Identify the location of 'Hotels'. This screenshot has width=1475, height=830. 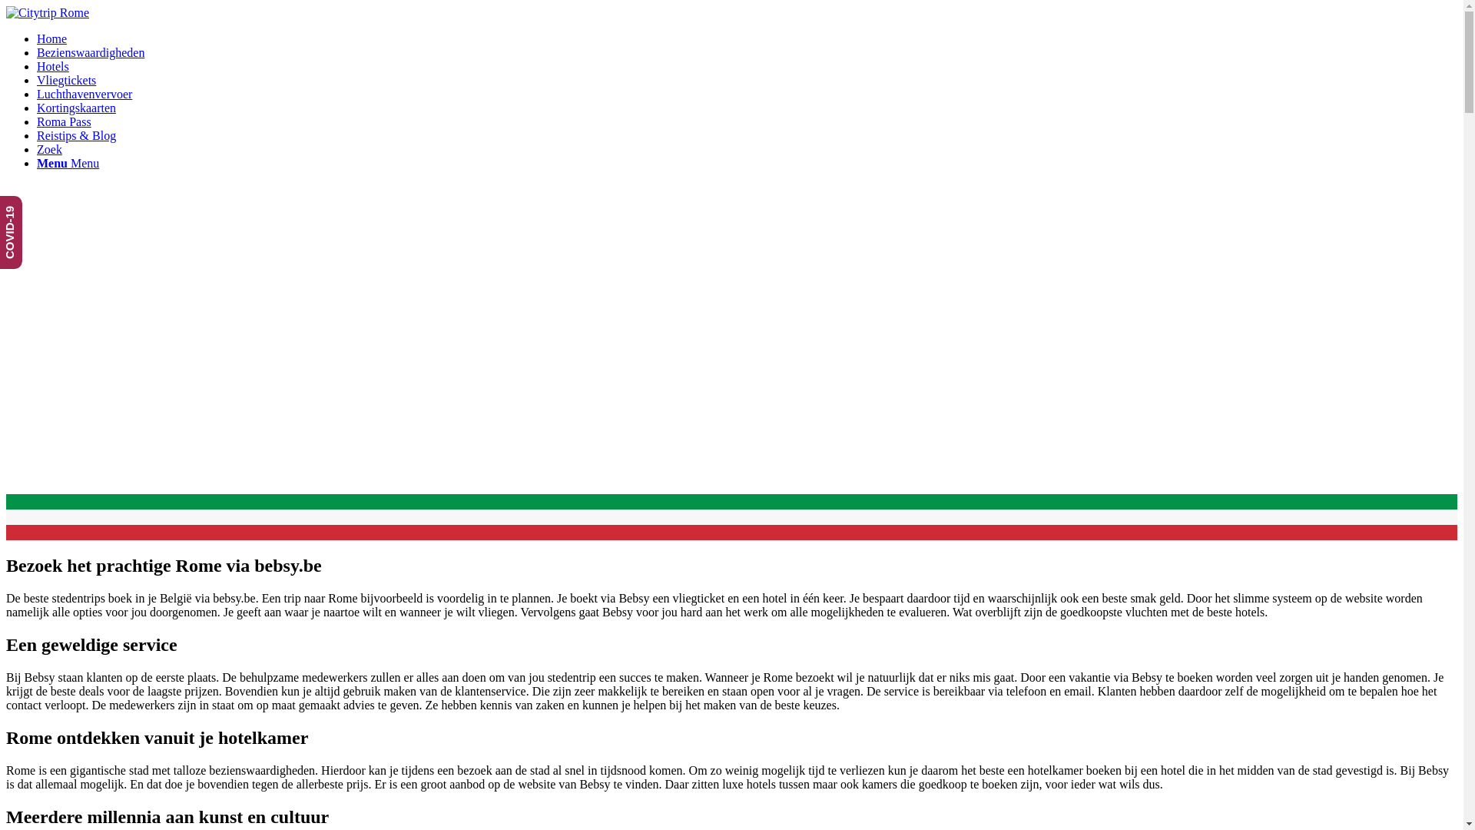
(52, 65).